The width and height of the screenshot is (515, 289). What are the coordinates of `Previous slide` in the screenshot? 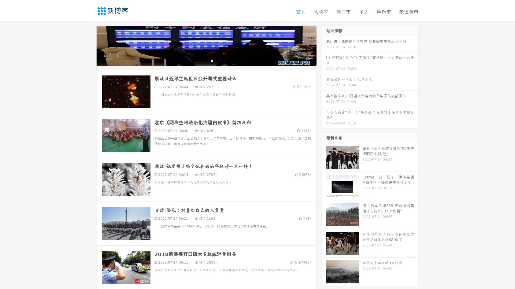 It's located at (89, 45).